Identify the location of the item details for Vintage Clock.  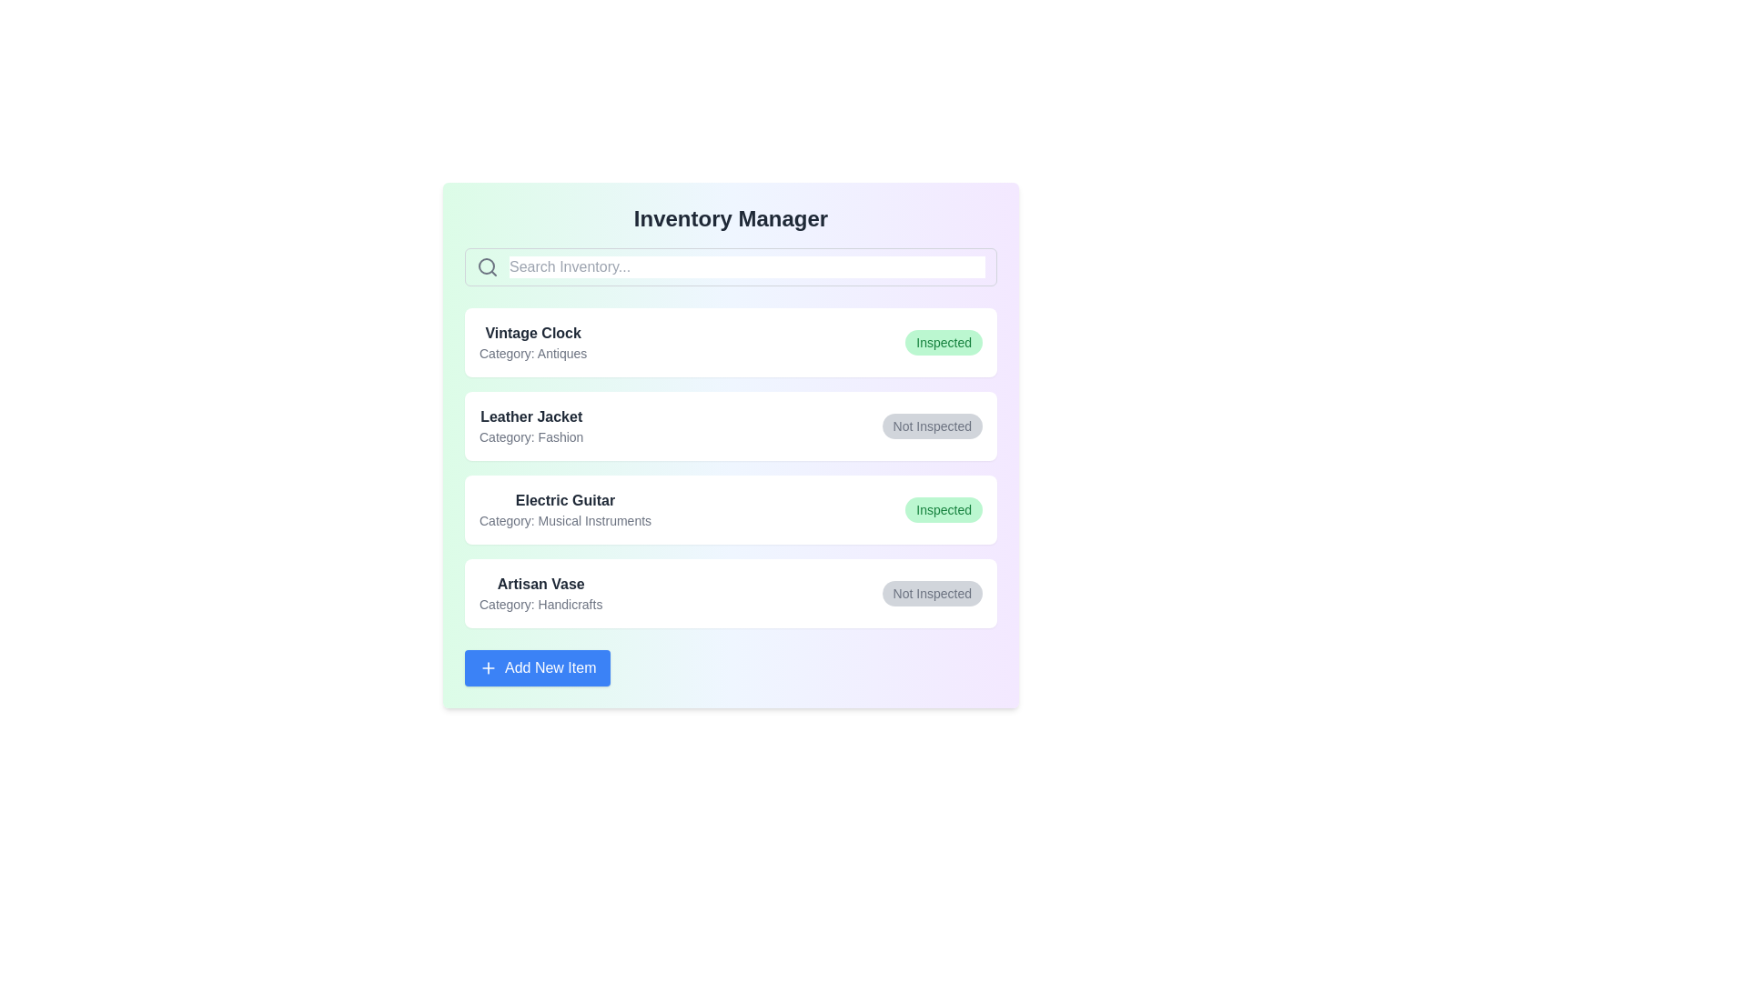
(731, 343).